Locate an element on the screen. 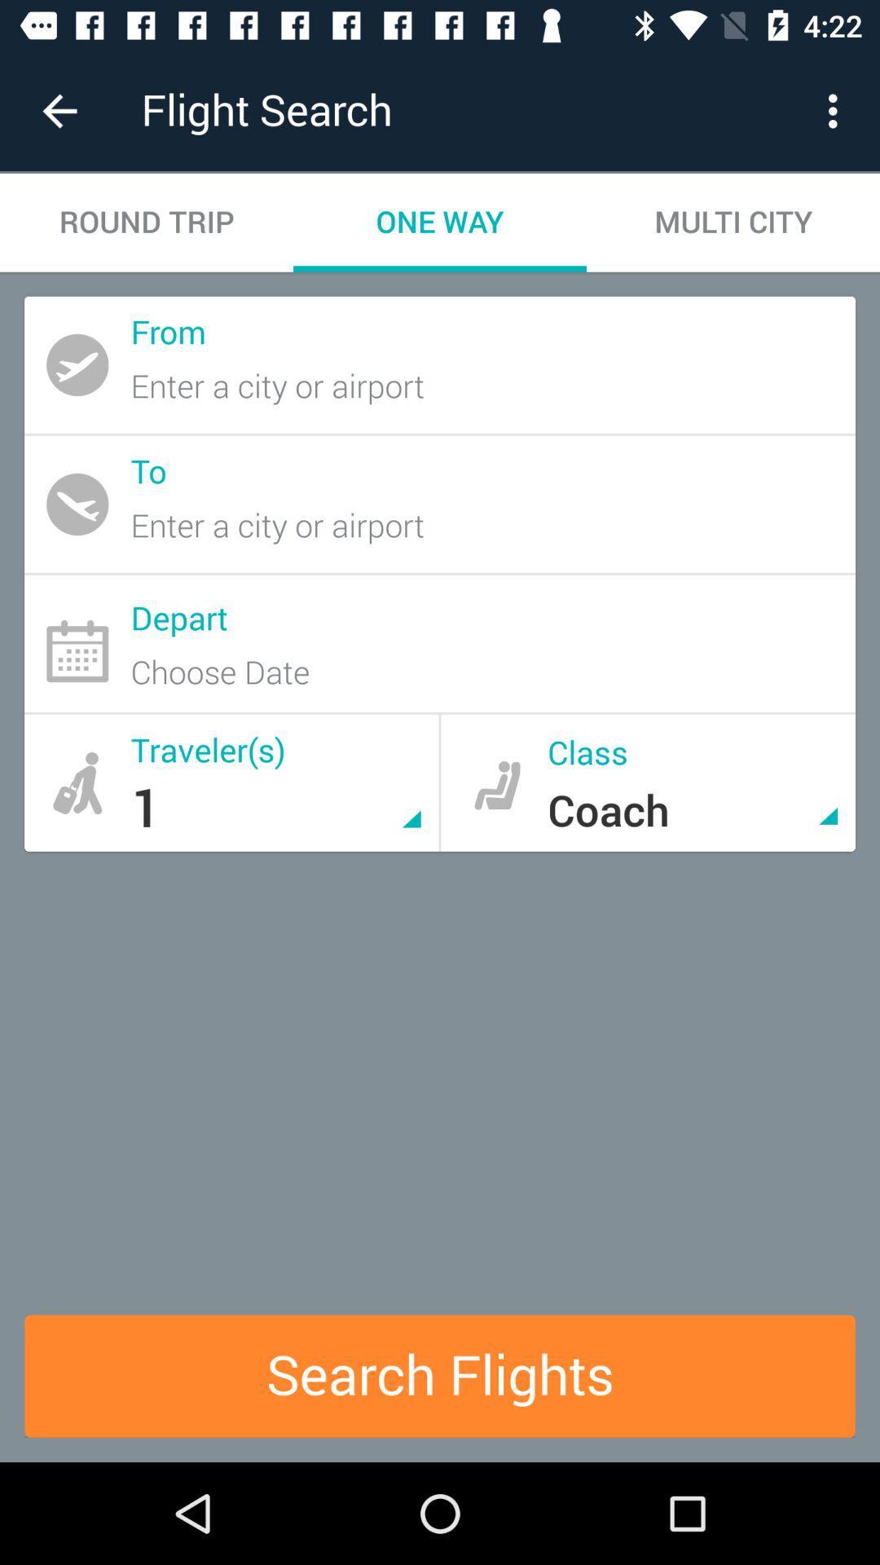 The image size is (880, 1565). the item next to the one way icon is located at coordinates (732, 222).